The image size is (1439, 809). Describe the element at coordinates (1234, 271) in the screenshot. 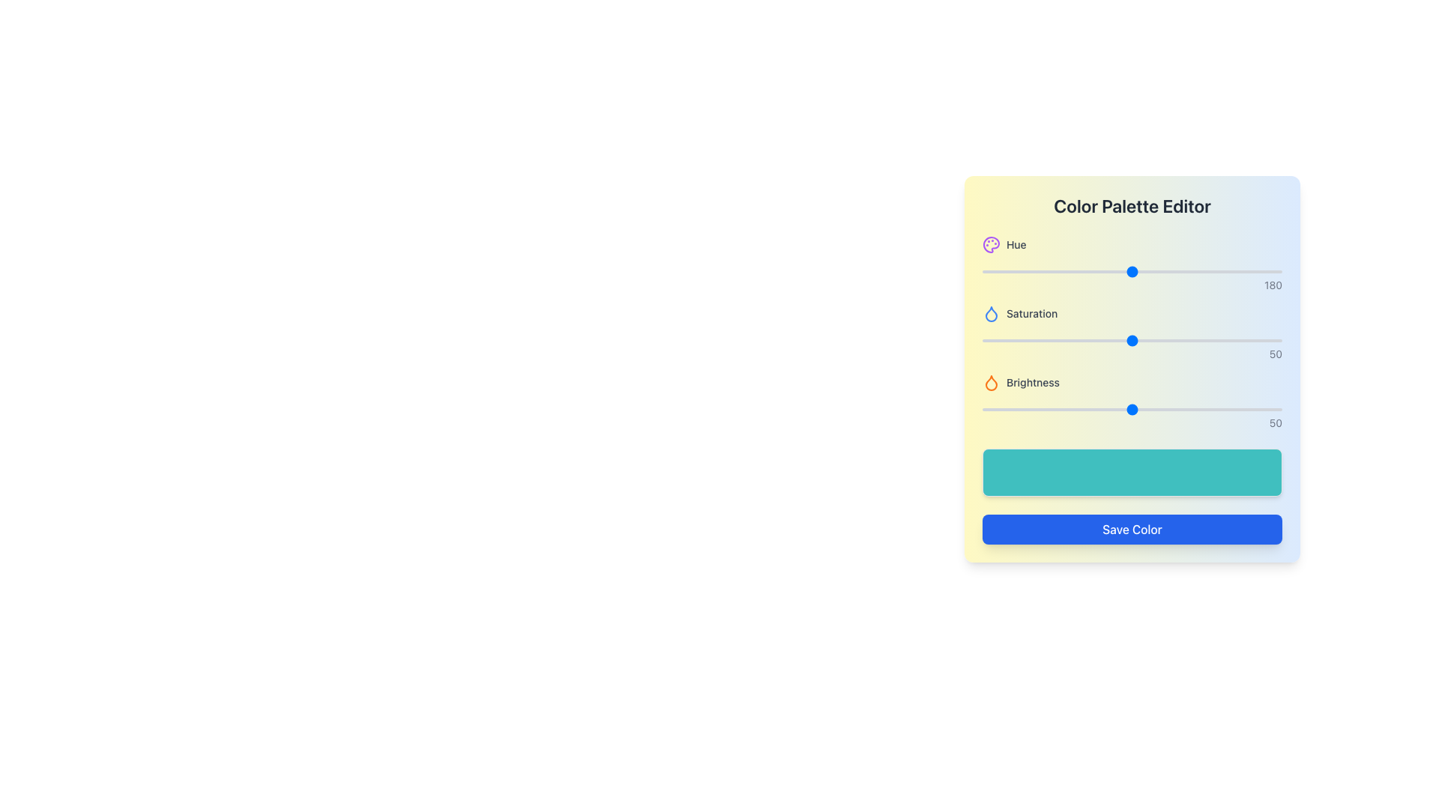

I see `hue` at that location.